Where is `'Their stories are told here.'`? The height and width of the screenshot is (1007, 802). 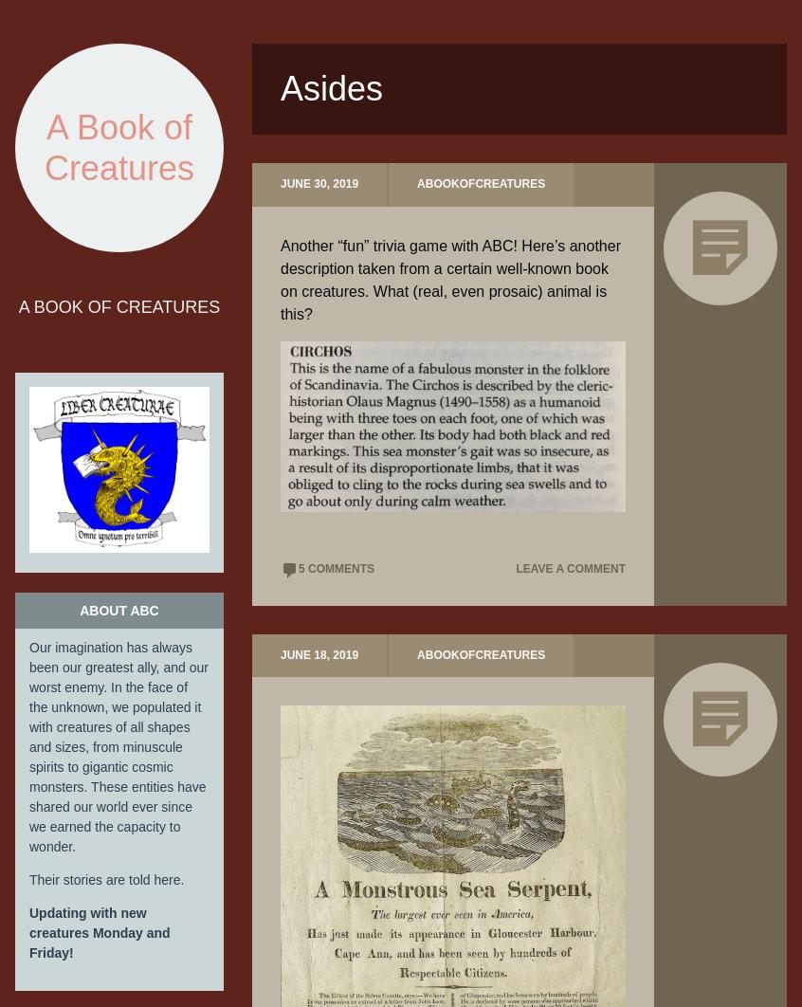 'Their stories are told here.' is located at coordinates (106, 878).